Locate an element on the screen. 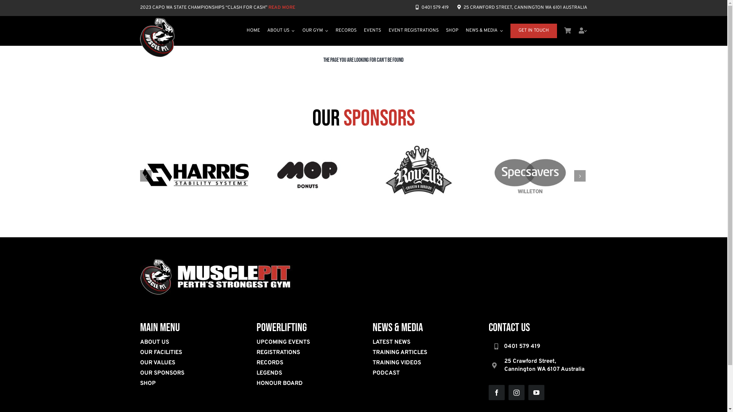  'LATEST NEWS' is located at coordinates (421, 342).